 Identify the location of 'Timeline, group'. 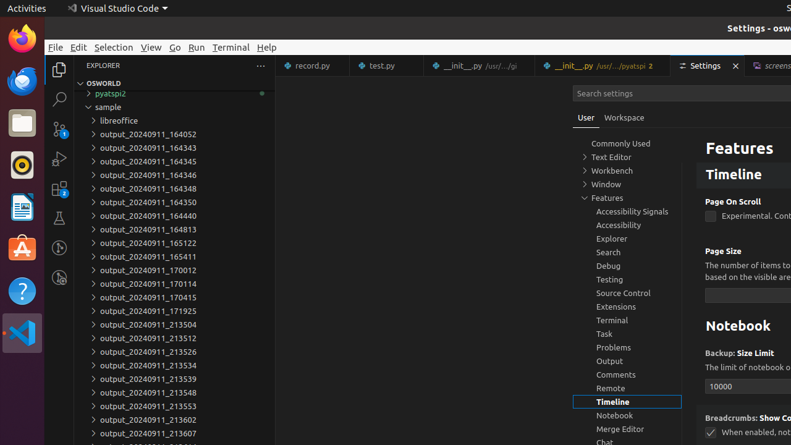
(627, 402).